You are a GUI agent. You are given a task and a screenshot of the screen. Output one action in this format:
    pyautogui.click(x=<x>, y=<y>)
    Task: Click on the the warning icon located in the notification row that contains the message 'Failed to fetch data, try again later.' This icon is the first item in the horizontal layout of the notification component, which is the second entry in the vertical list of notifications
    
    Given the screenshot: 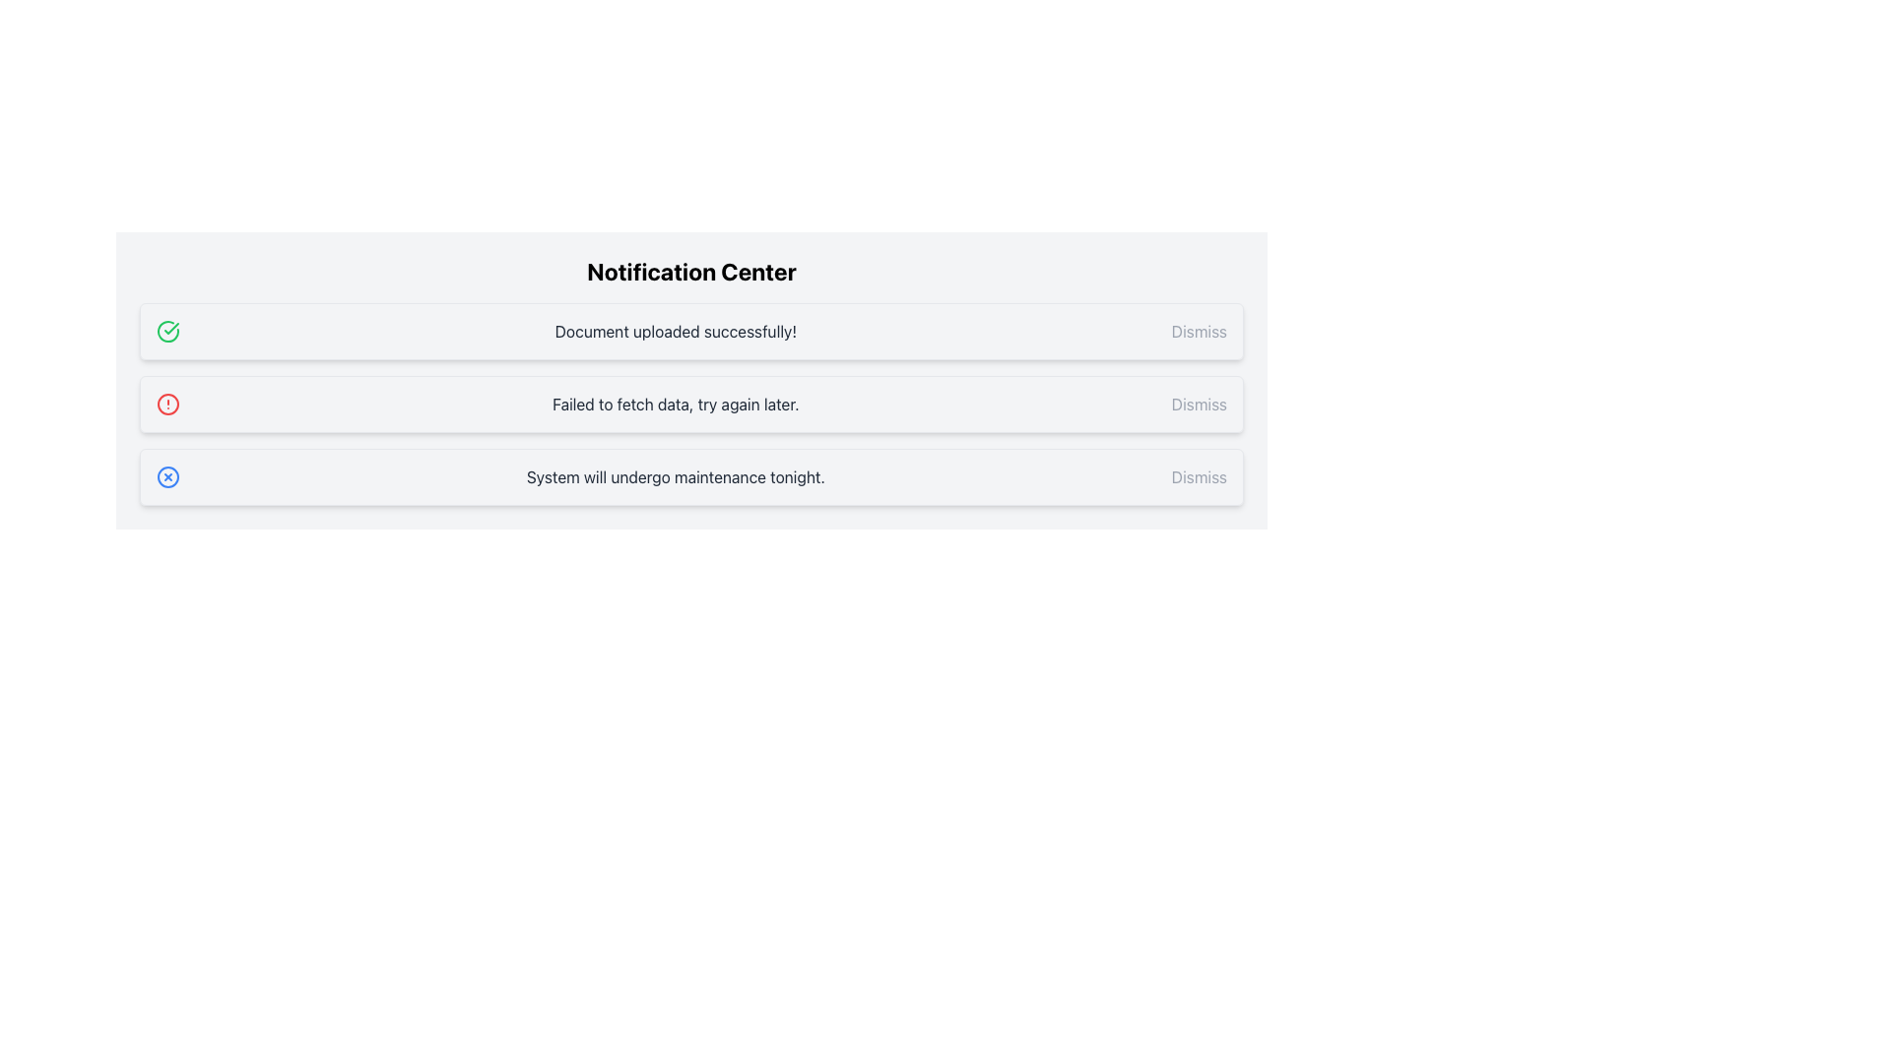 What is the action you would take?
    pyautogui.click(x=168, y=404)
    